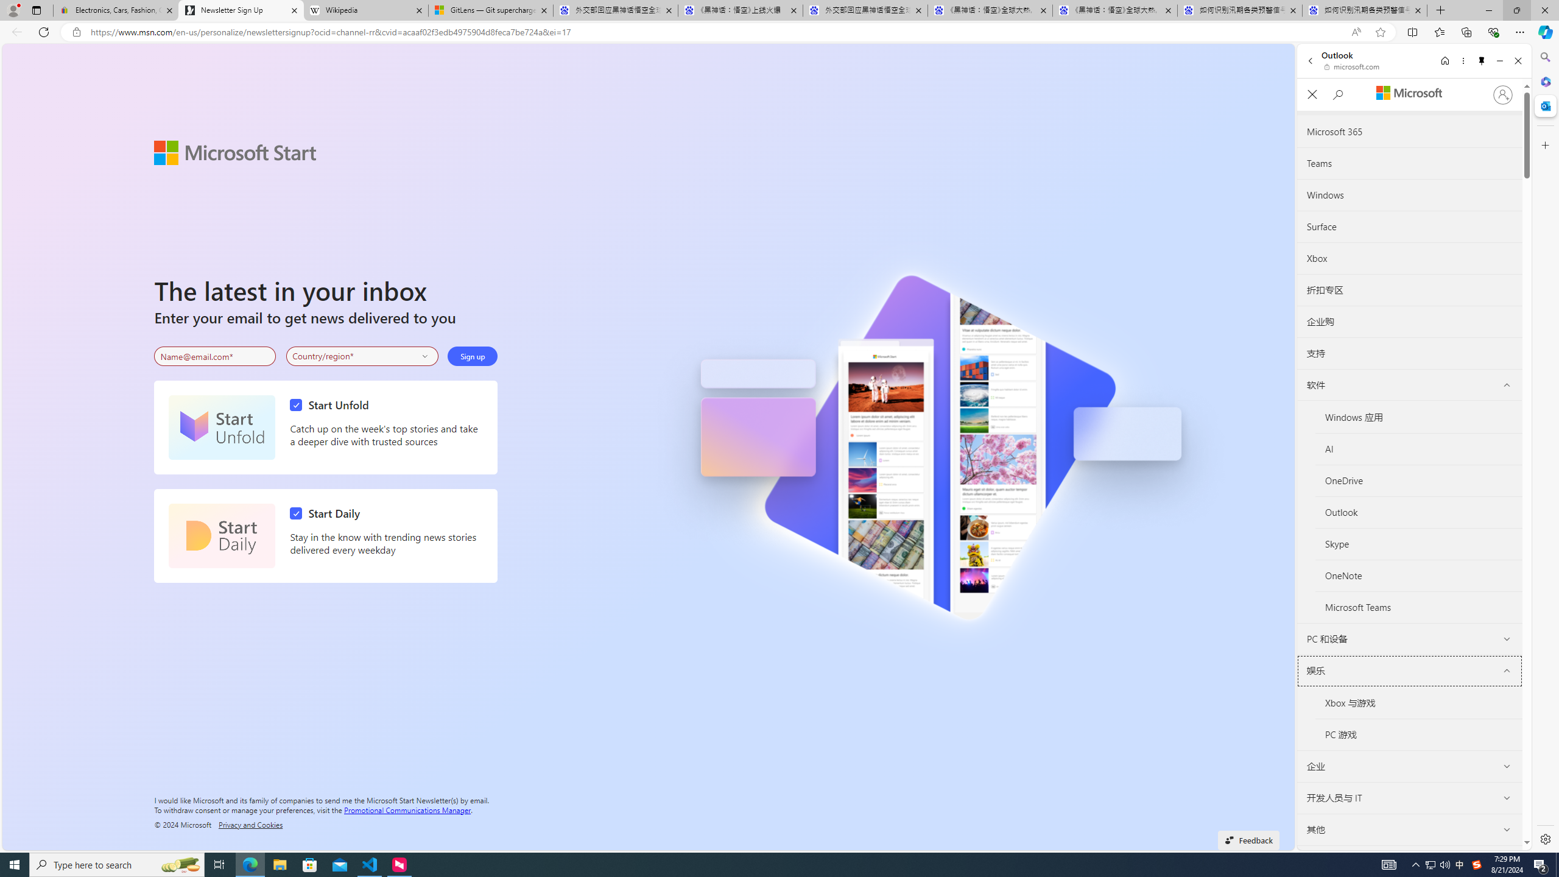 This screenshot has width=1559, height=877. What do you see at coordinates (1410, 258) in the screenshot?
I see `'Xbox'` at bounding box center [1410, 258].